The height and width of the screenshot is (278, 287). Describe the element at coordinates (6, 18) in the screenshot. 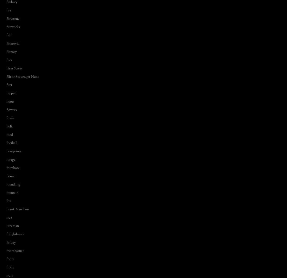

I see `'Firestone'` at that location.